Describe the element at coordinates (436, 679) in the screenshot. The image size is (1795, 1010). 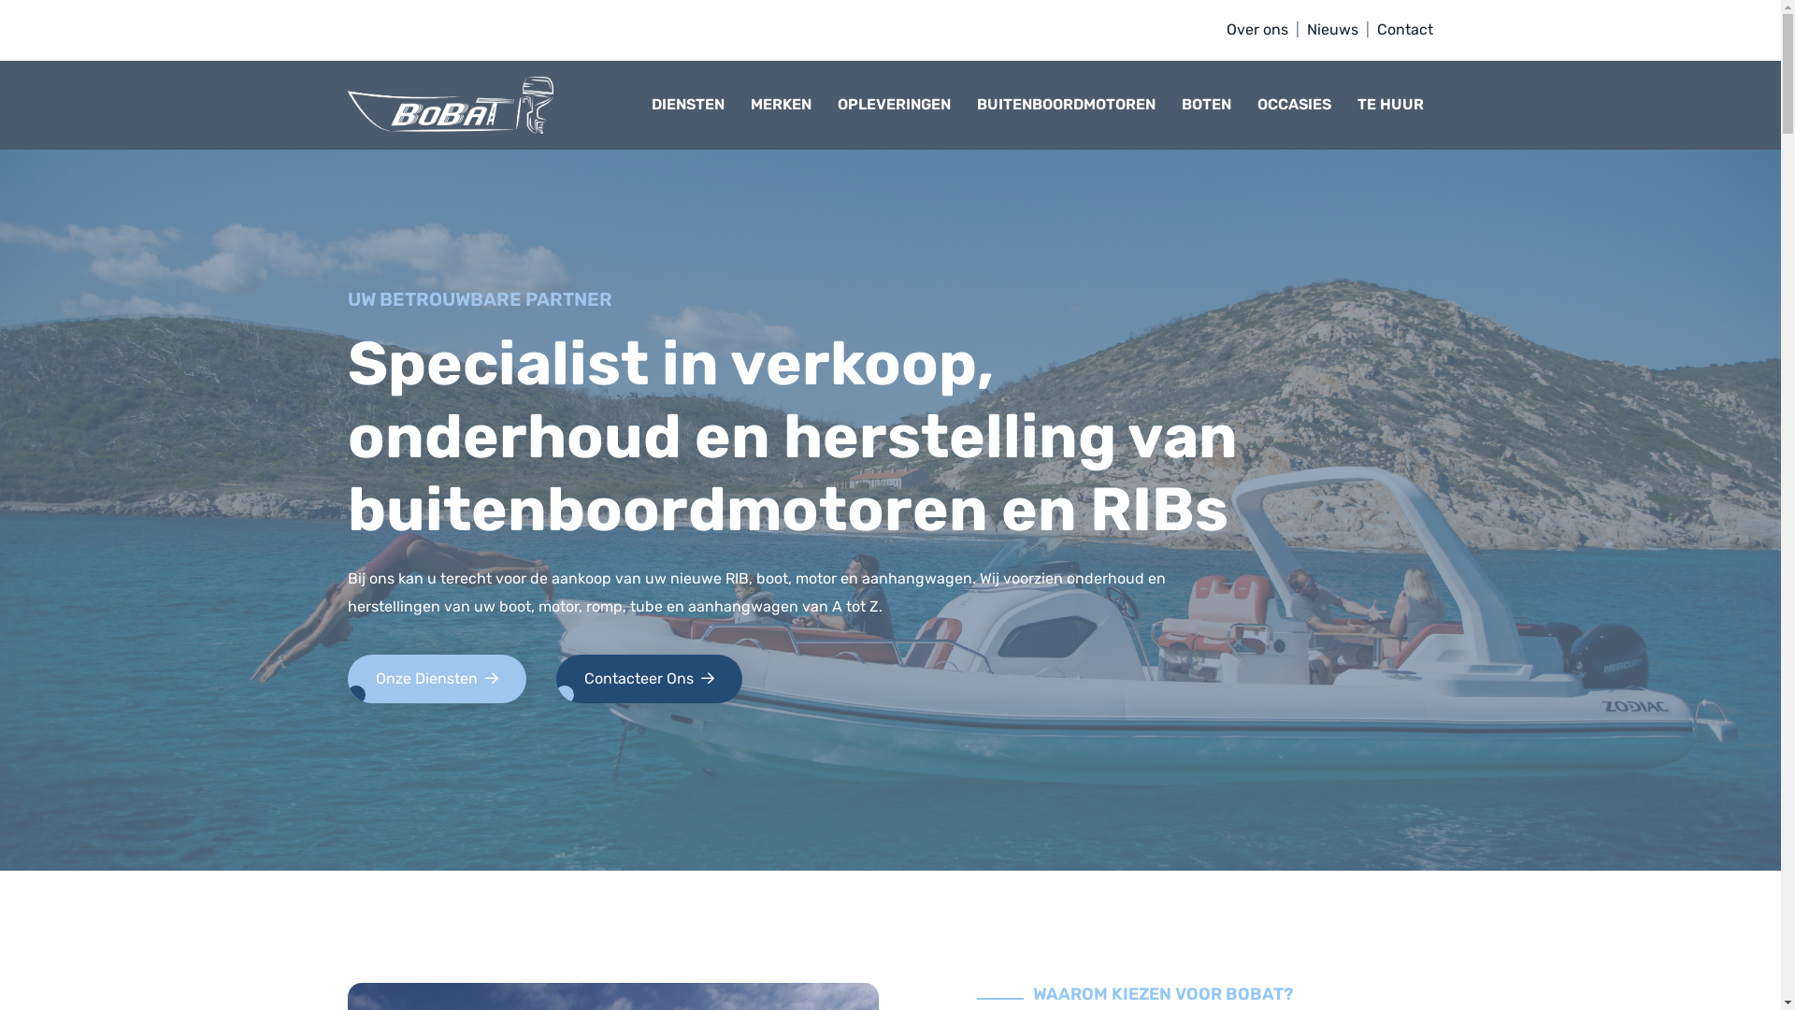
I see `'Onze Diensten'` at that location.